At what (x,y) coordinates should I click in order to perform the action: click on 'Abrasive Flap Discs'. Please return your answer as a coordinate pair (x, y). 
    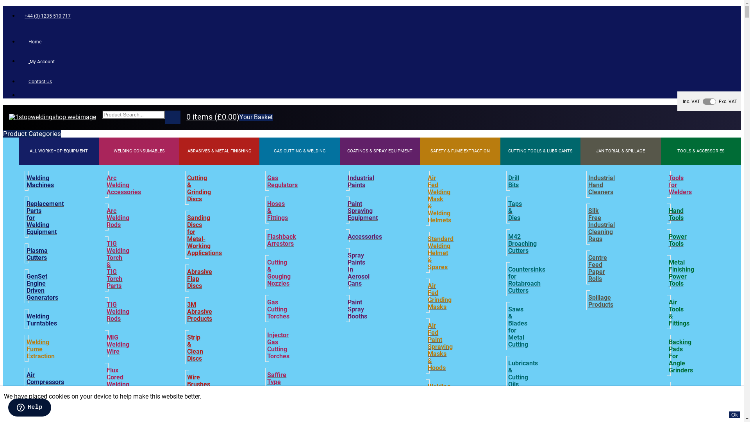
    Looking at the image, I should click on (199, 278).